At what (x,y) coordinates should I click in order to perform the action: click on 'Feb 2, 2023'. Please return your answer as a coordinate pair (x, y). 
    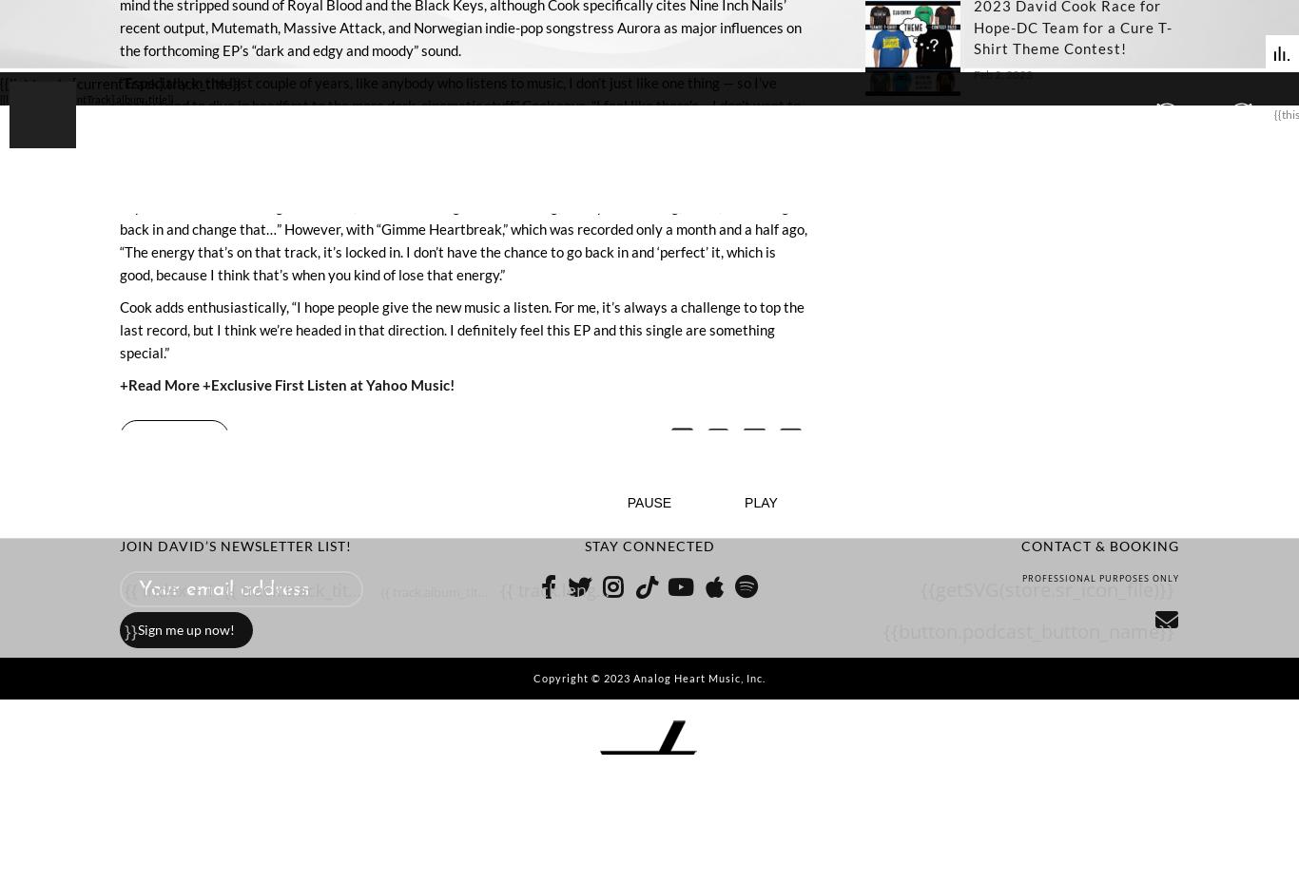
    Looking at the image, I should click on (1001, 72).